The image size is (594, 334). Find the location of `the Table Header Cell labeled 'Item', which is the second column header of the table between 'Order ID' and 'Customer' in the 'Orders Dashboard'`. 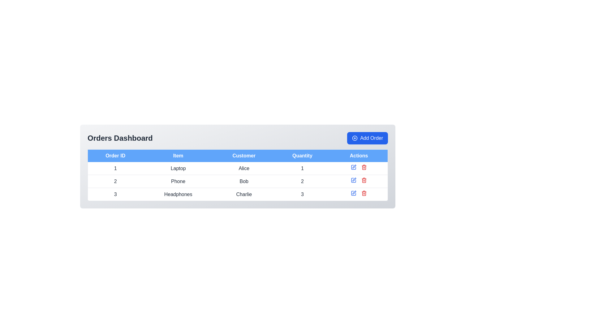

the Table Header Cell labeled 'Item', which is the second column header of the table between 'Order ID' and 'Customer' in the 'Orders Dashboard' is located at coordinates (178, 155).